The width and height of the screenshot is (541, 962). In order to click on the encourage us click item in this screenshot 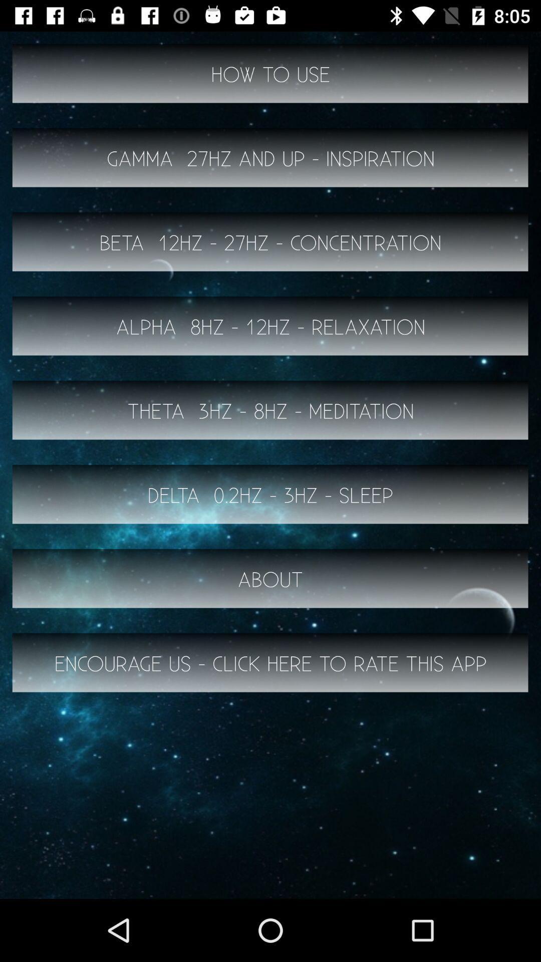, I will do `click(270, 663)`.